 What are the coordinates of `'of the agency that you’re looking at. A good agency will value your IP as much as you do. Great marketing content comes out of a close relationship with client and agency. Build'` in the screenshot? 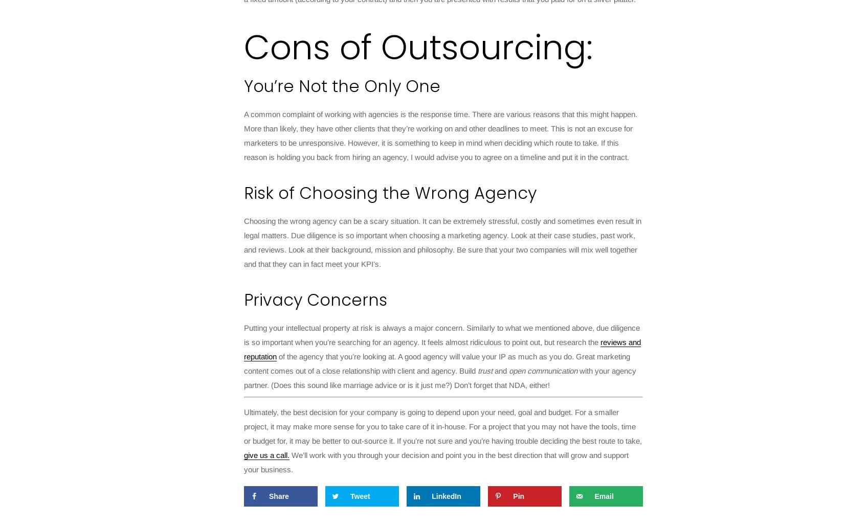 It's located at (436, 363).